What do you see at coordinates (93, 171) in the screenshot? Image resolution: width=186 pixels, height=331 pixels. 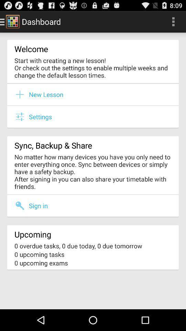 I see `the item below the sync, backup & share` at bounding box center [93, 171].